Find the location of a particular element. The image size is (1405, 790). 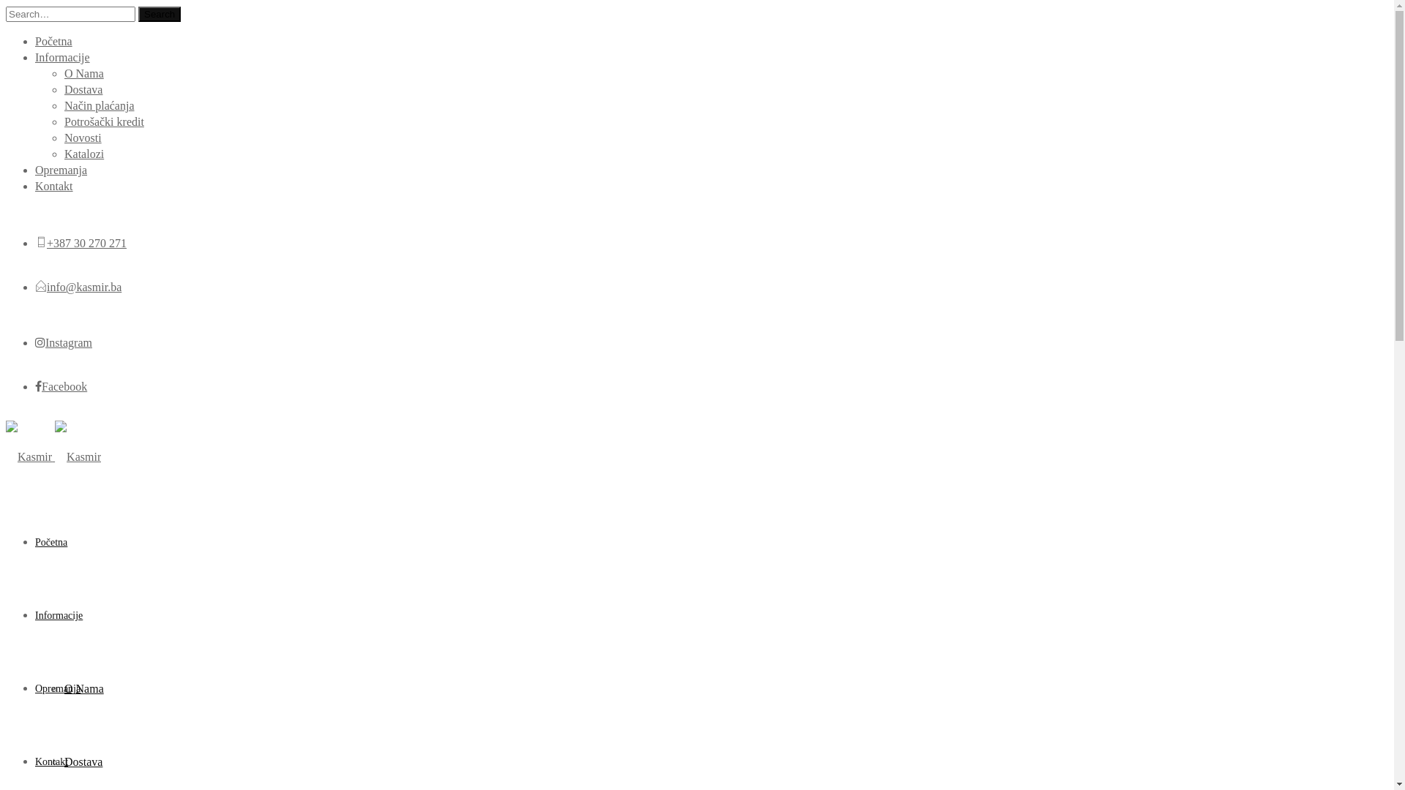

'Dostava' is located at coordinates (63, 761).